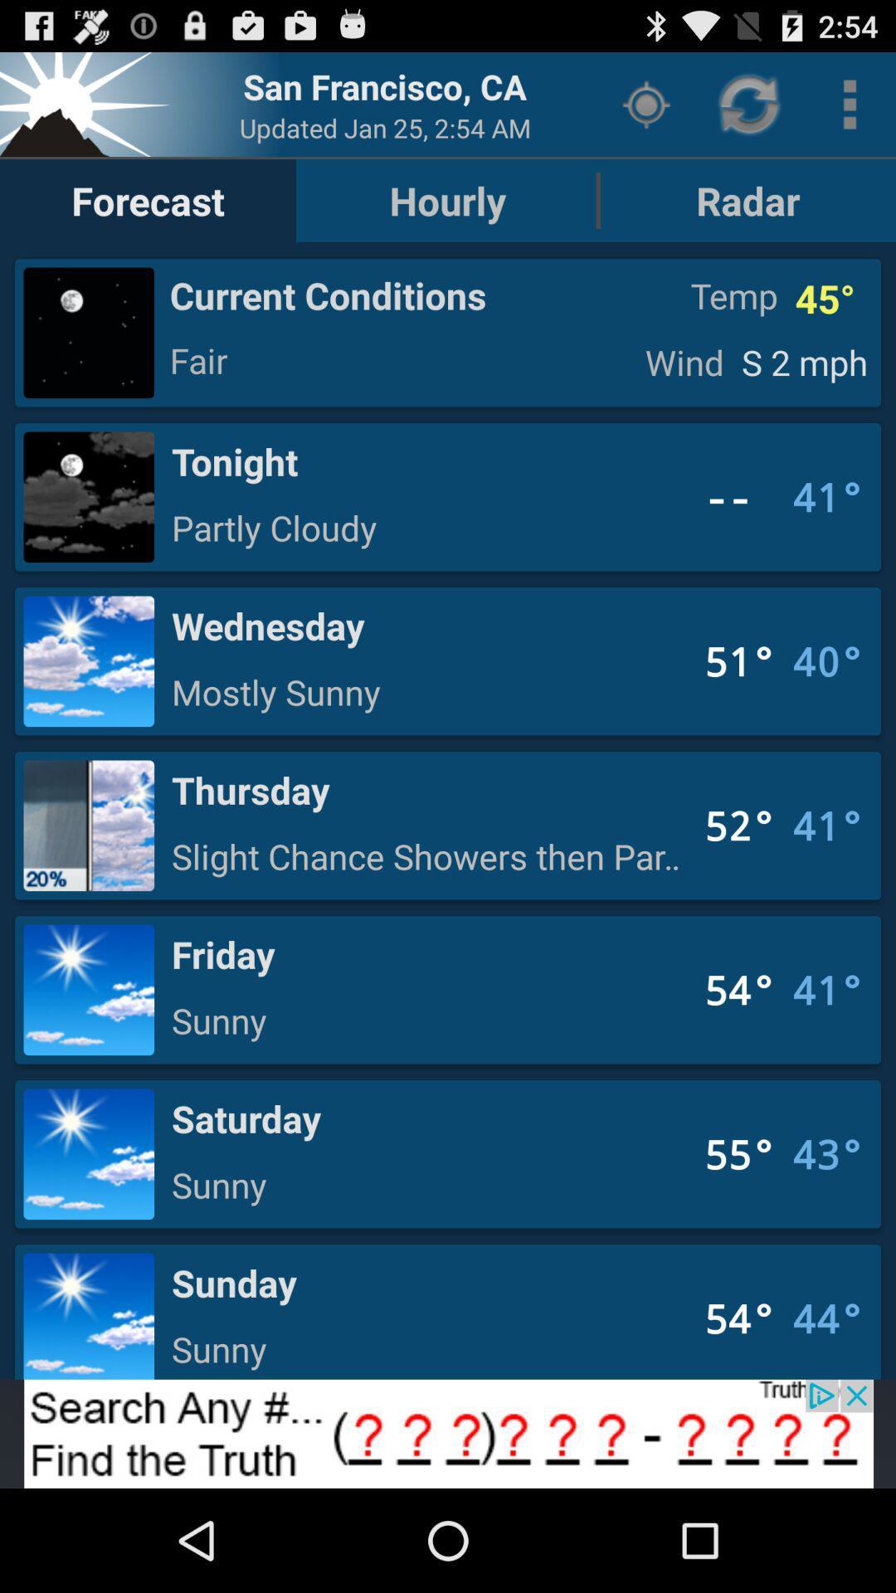  Describe the element at coordinates (645, 110) in the screenshot. I see `the location_crosshair icon` at that location.